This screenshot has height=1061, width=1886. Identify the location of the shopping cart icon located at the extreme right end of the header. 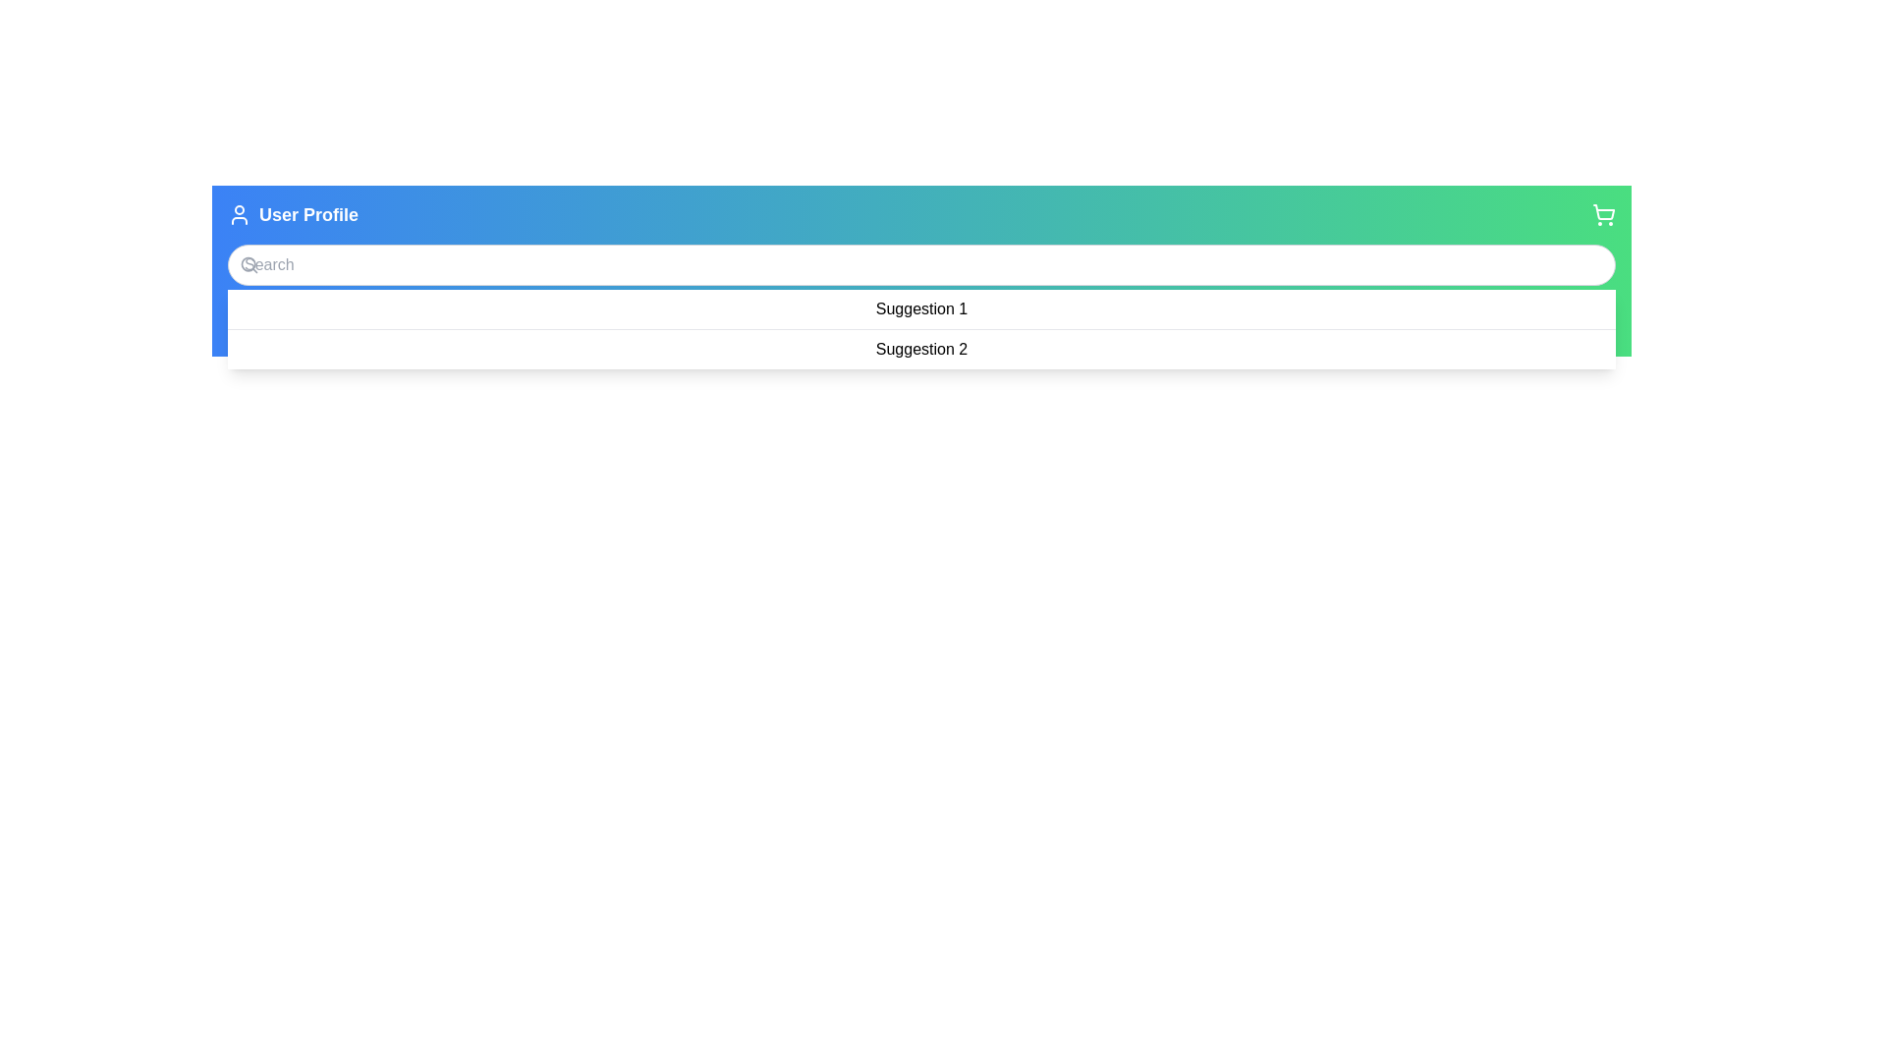
(1603, 215).